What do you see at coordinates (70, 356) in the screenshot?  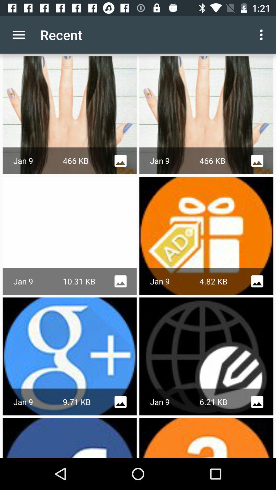 I see `the fifth image` at bounding box center [70, 356].